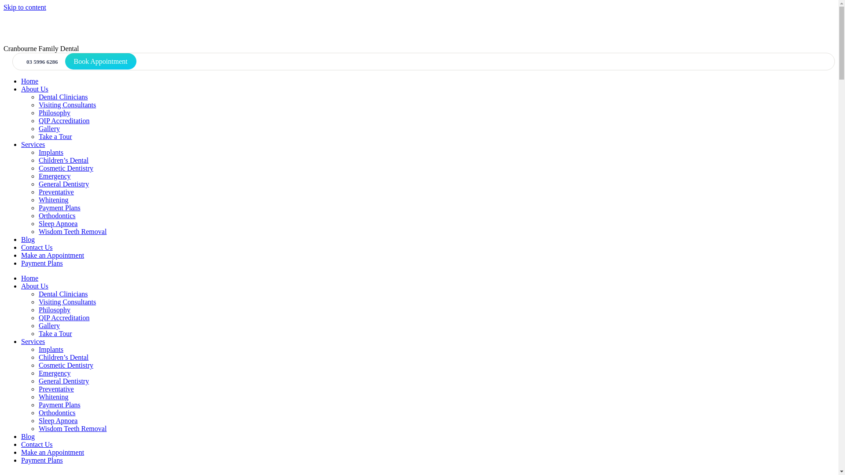 The height and width of the screenshot is (475, 845). Describe the element at coordinates (63, 121) in the screenshot. I see `'QIP Accreditation'` at that location.